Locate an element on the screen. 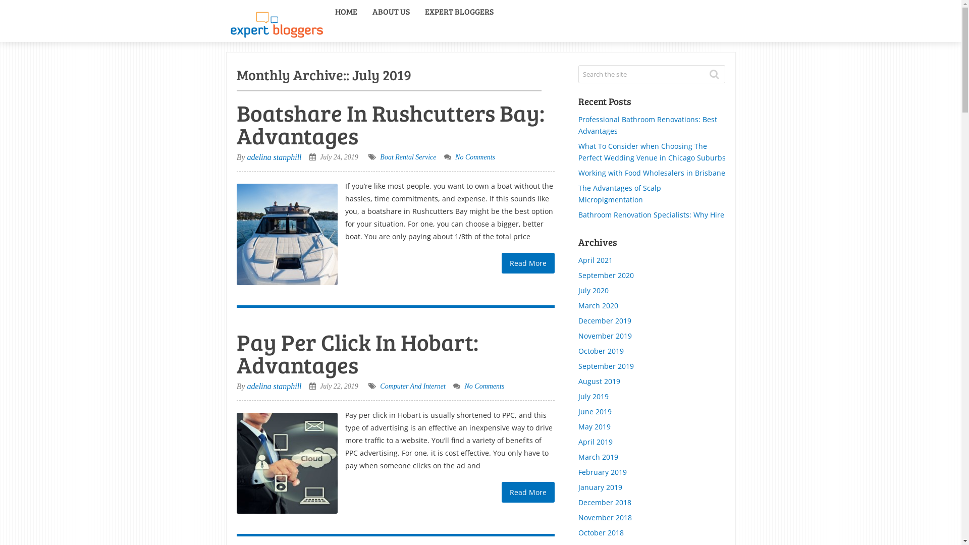 Image resolution: width=969 pixels, height=545 pixels. 'Boat Rental Service' is located at coordinates (408, 157).